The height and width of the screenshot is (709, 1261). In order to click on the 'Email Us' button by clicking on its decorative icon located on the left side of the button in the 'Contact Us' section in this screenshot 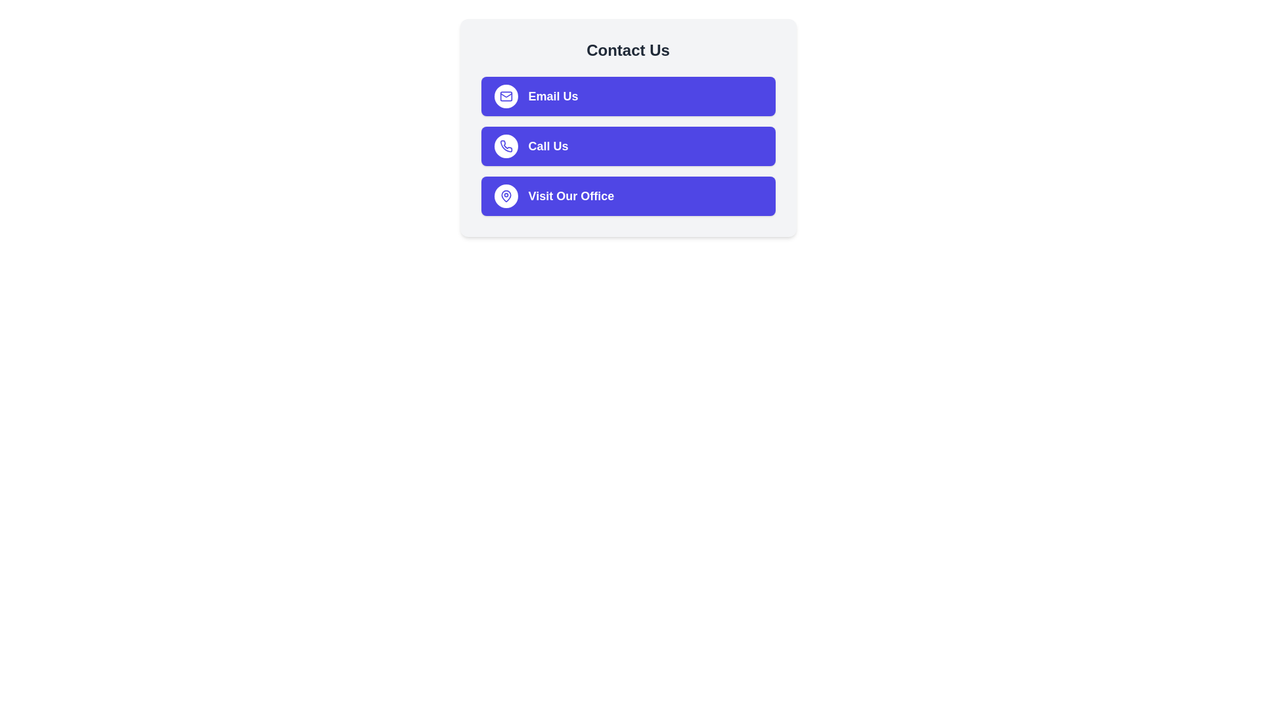, I will do `click(505, 95)`.